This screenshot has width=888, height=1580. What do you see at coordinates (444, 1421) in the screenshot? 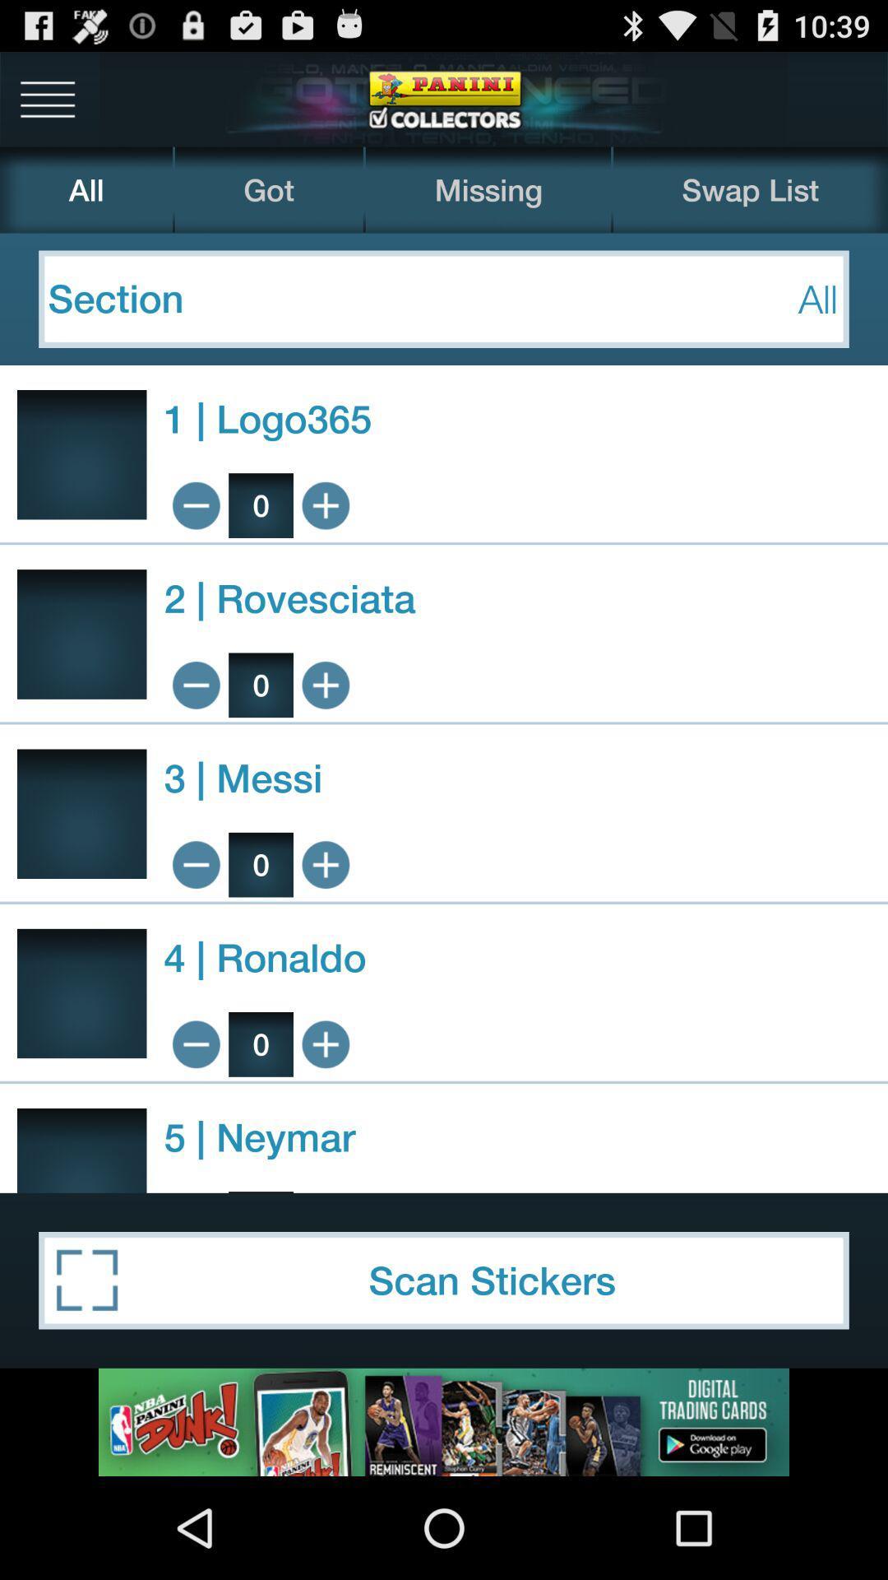
I see `open advertisement` at bounding box center [444, 1421].